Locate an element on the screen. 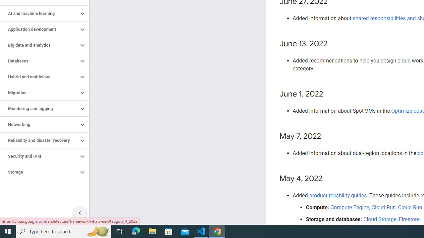 Image resolution: width=424 pixels, height=238 pixels. 'Compute Engine' is located at coordinates (349, 207).